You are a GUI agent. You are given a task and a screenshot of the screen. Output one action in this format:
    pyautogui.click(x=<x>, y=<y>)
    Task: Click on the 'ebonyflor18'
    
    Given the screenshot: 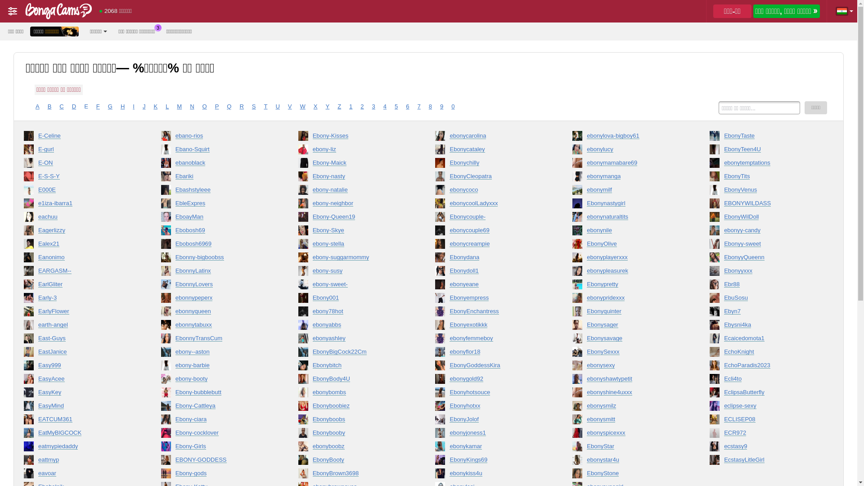 What is the action you would take?
    pyautogui.click(x=490, y=353)
    